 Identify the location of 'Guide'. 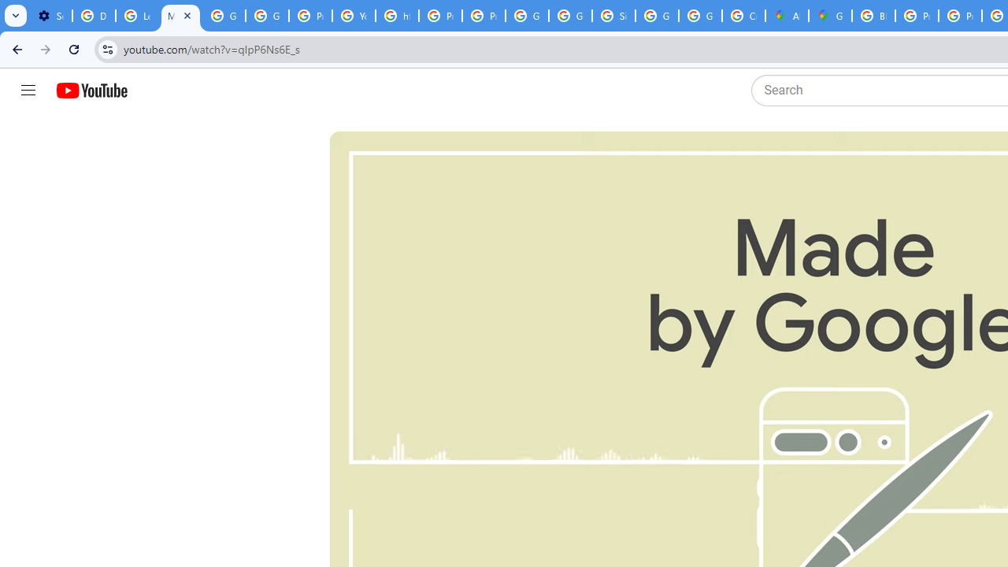
(28, 91).